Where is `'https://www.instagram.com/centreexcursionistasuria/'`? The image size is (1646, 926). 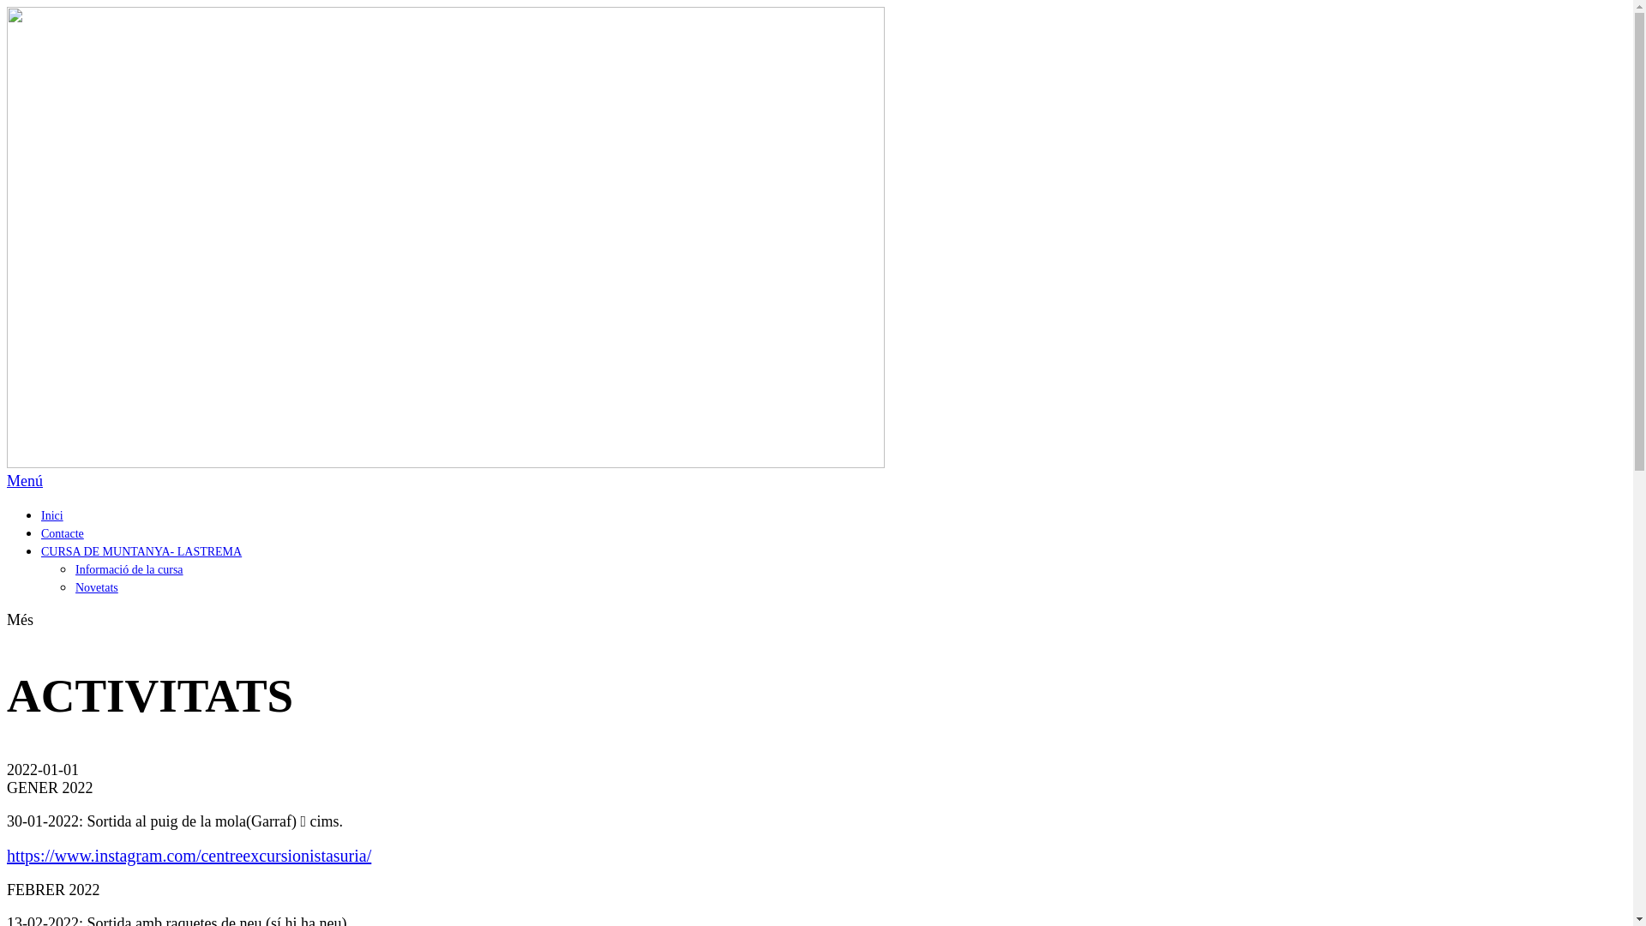 'https://www.instagram.com/centreexcursionistasuria/' is located at coordinates (189, 856).